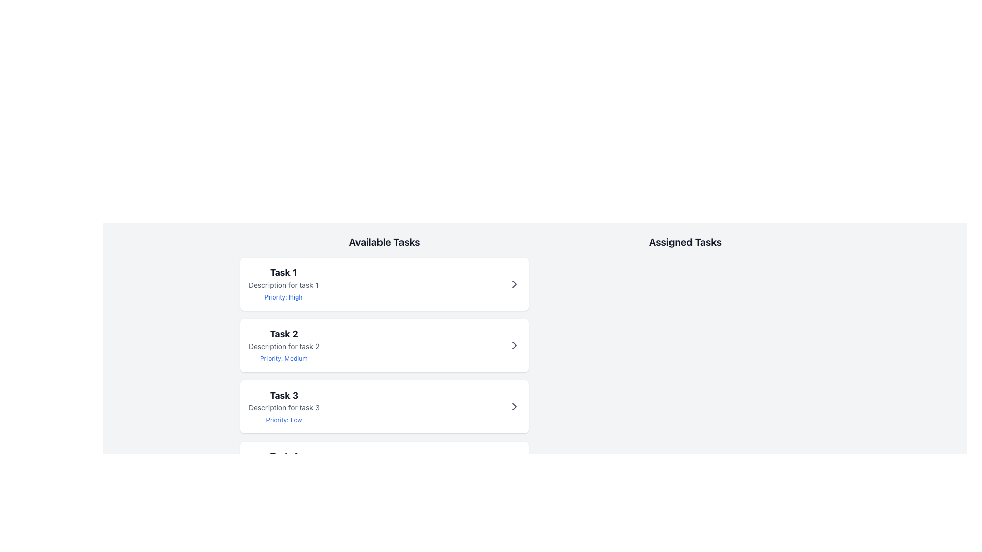  I want to click on the icon located near the right edge of the first task in the 'Available Tasks' section, so click(515, 284).